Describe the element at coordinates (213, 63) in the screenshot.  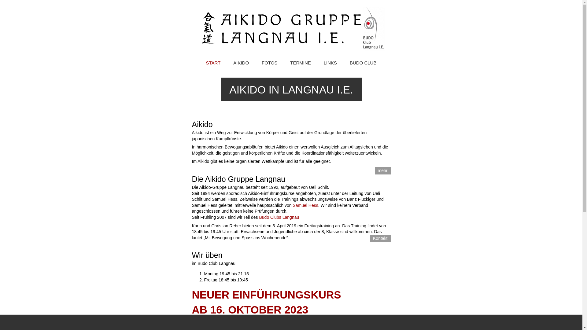
I see `'START'` at that location.